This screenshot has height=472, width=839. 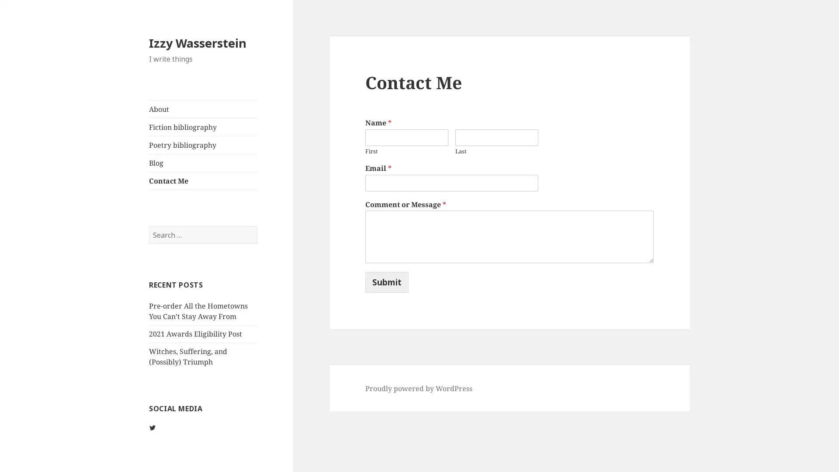 What do you see at coordinates (256, 225) in the screenshot?
I see `Search` at bounding box center [256, 225].